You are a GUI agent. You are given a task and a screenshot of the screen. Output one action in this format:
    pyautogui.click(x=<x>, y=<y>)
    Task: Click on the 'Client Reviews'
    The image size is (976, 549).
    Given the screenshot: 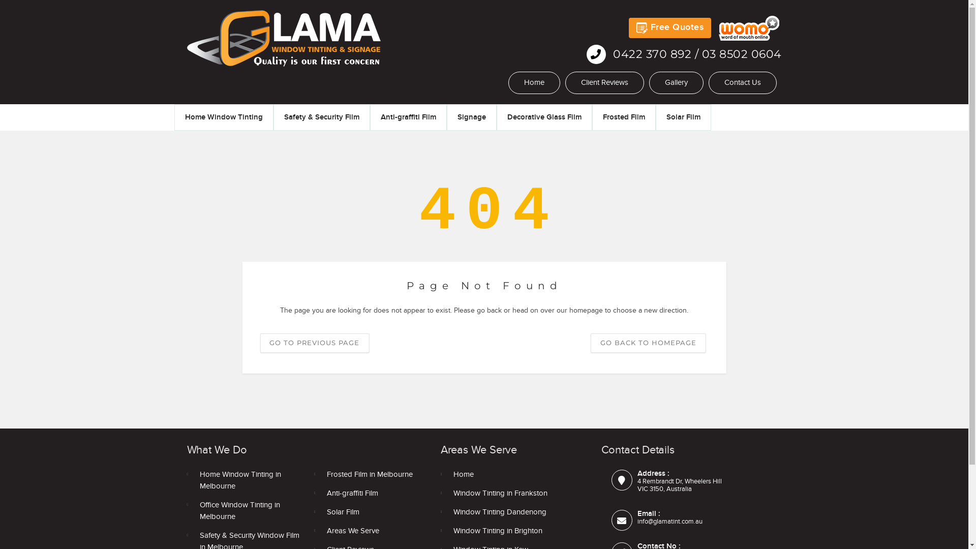 What is the action you would take?
    pyautogui.click(x=565, y=82)
    